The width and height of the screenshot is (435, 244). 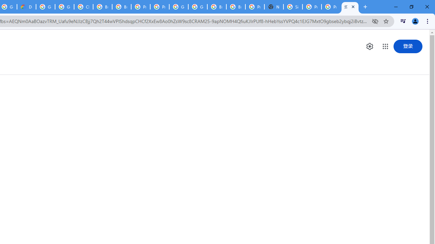 What do you see at coordinates (293, 7) in the screenshot?
I see `'Sign in - Google Accounts'` at bounding box center [293, 7].